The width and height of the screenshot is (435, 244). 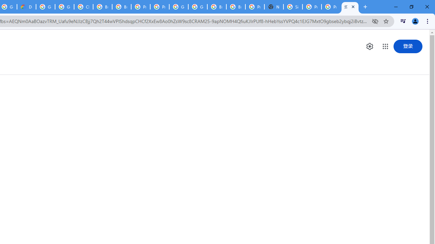 What do you see at coordinates (293, 7) in the screenshot?
I see `'Sign in - Google Accounts'` at bounding box center [293, 7].